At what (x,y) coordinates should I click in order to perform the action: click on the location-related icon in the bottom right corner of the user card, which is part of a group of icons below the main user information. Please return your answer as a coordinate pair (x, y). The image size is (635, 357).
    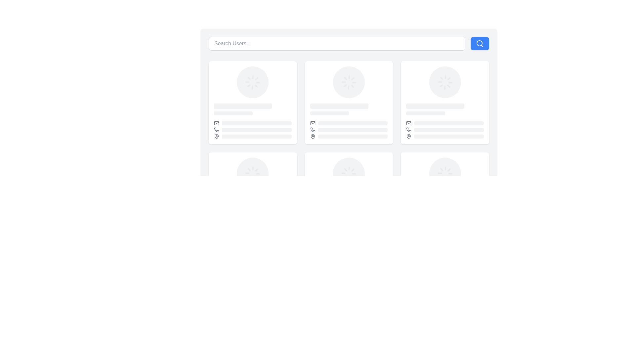
    Looking at the image, I should click on (408, 136).